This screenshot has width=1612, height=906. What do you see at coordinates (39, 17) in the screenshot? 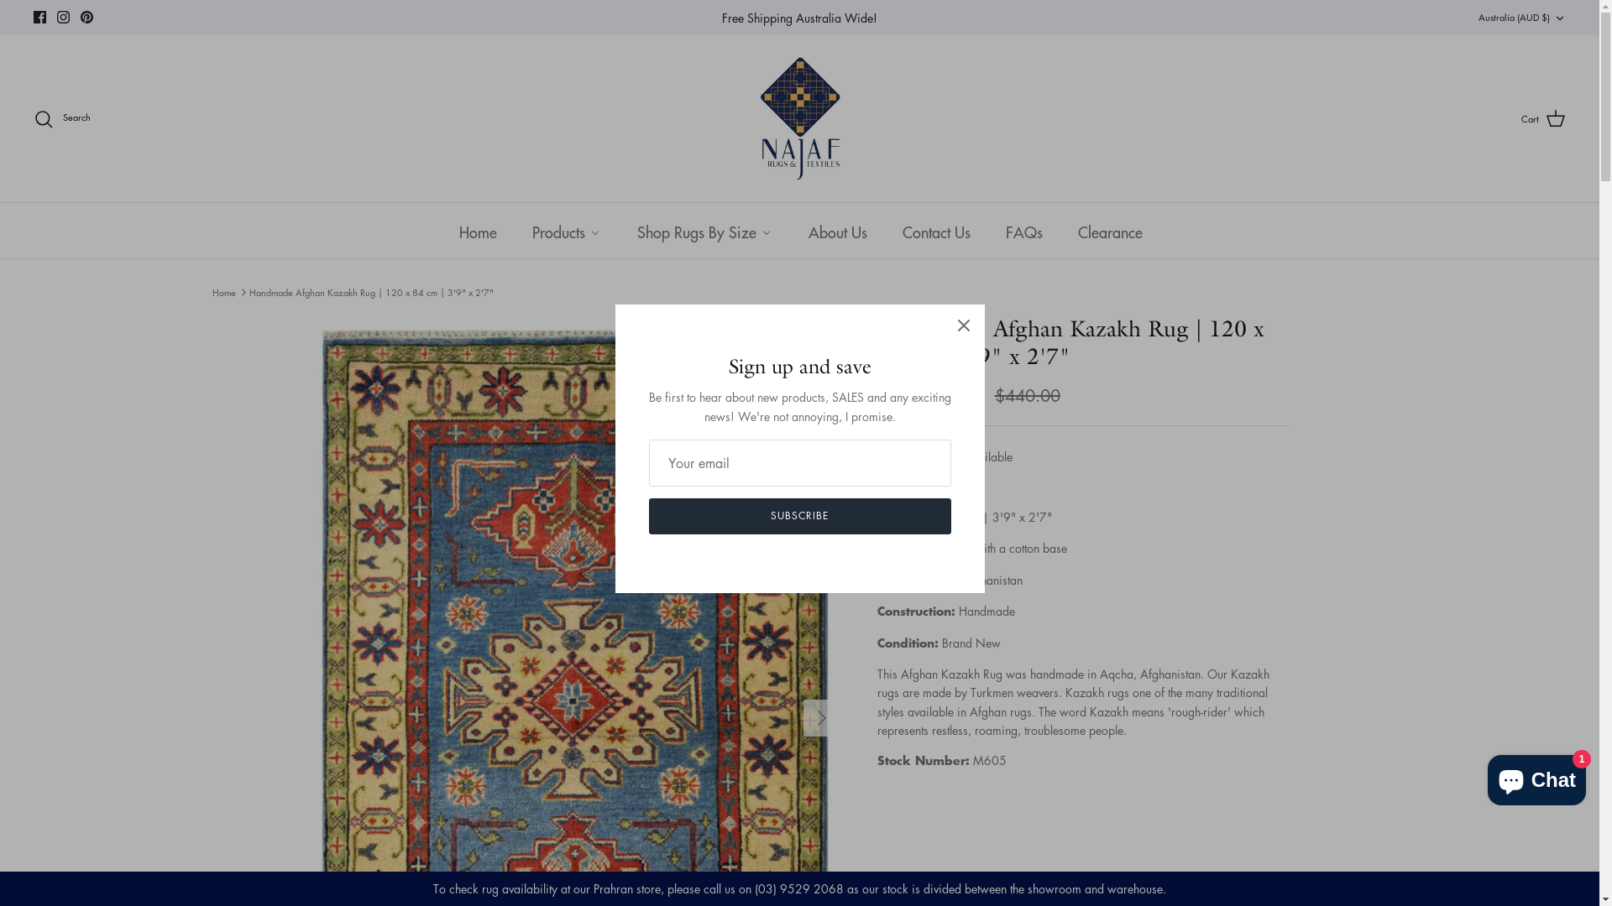
I see `'Facebook'` at bounding box center [39, 17].